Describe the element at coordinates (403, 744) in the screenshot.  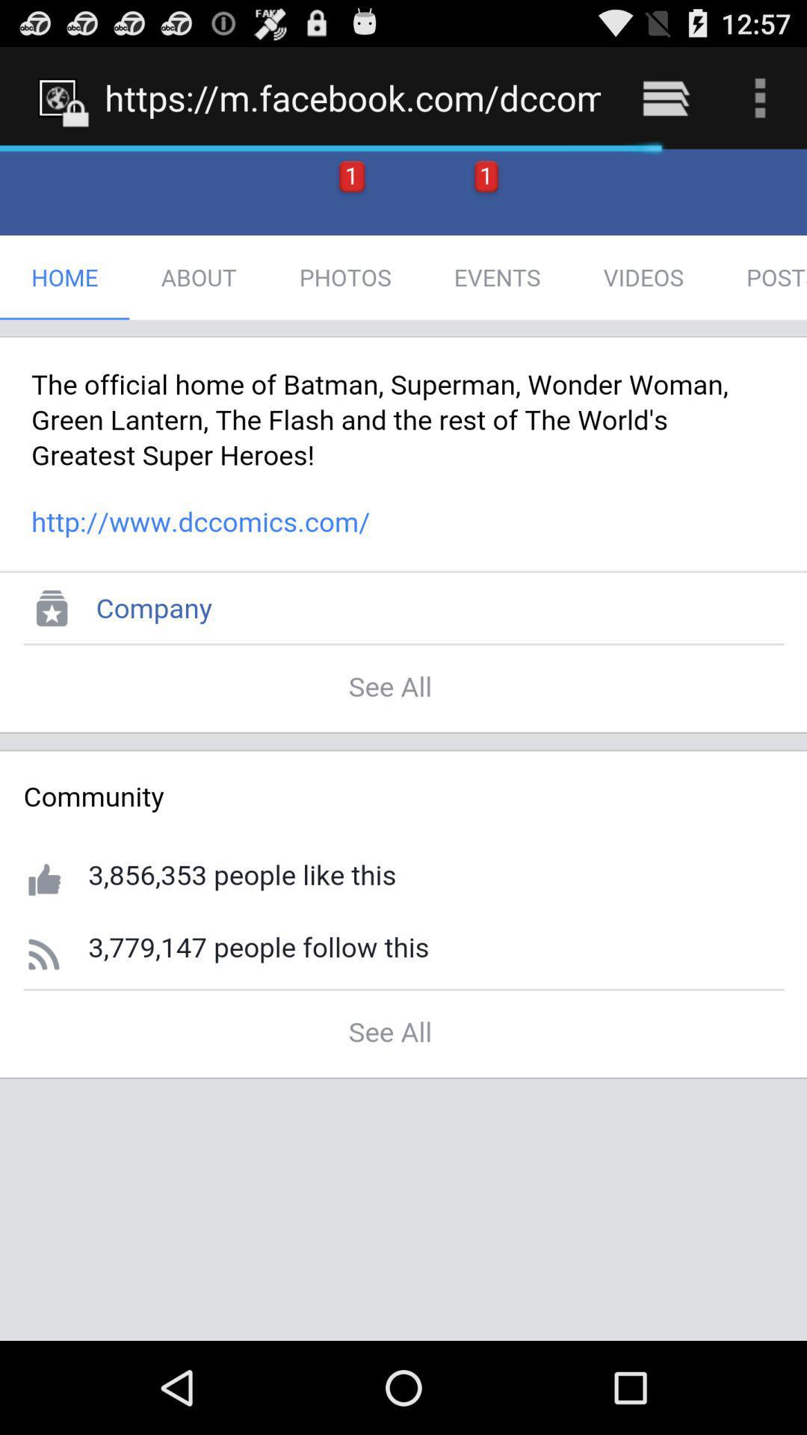
I see `the item at the center` at that location.